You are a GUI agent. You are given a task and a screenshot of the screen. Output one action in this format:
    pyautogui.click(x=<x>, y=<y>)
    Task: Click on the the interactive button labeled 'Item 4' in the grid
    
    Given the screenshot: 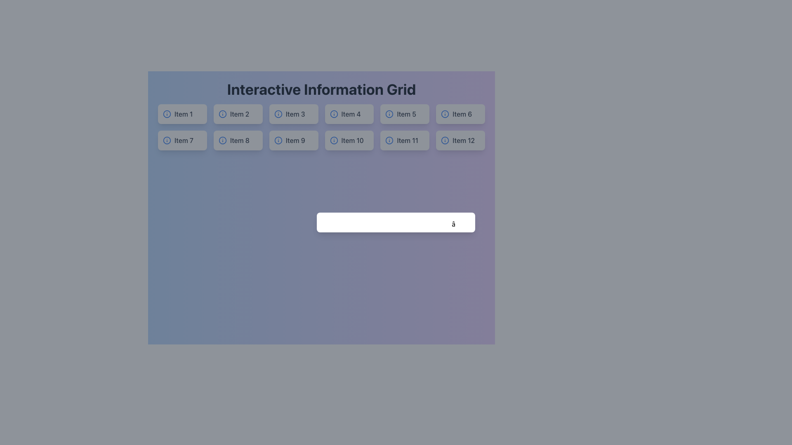 What is the action you would take?
    pyautogui.click(x=349, y=114)
    